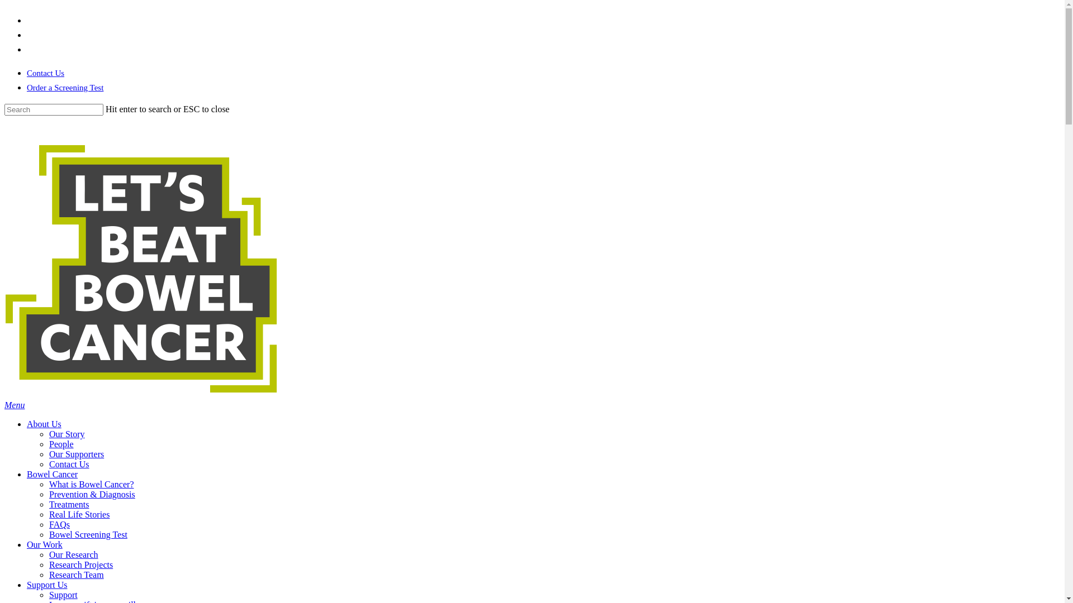 The image size is (1073, 603). What do you see at coordinates (45, 544) in the screenshot?
I see `'Our Work'` at bounding box center [45, 544].